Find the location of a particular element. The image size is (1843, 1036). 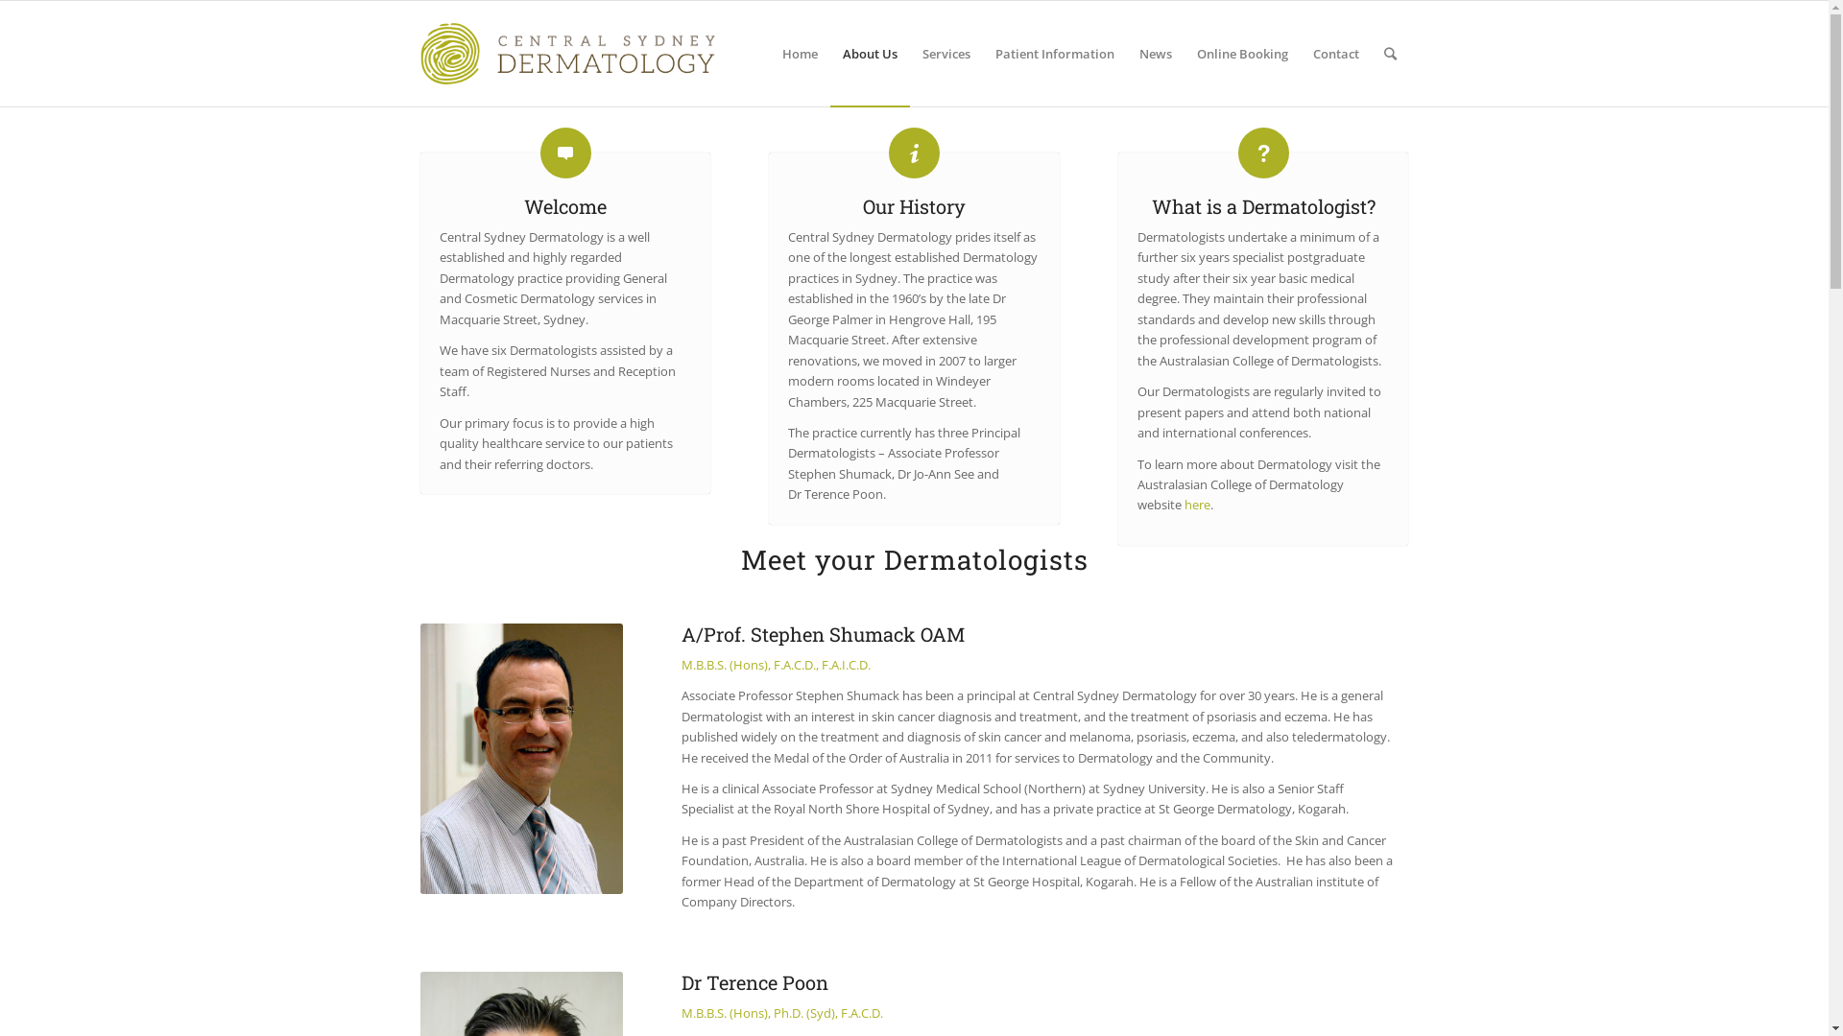

'News' is located at coordinates (1127, 53).